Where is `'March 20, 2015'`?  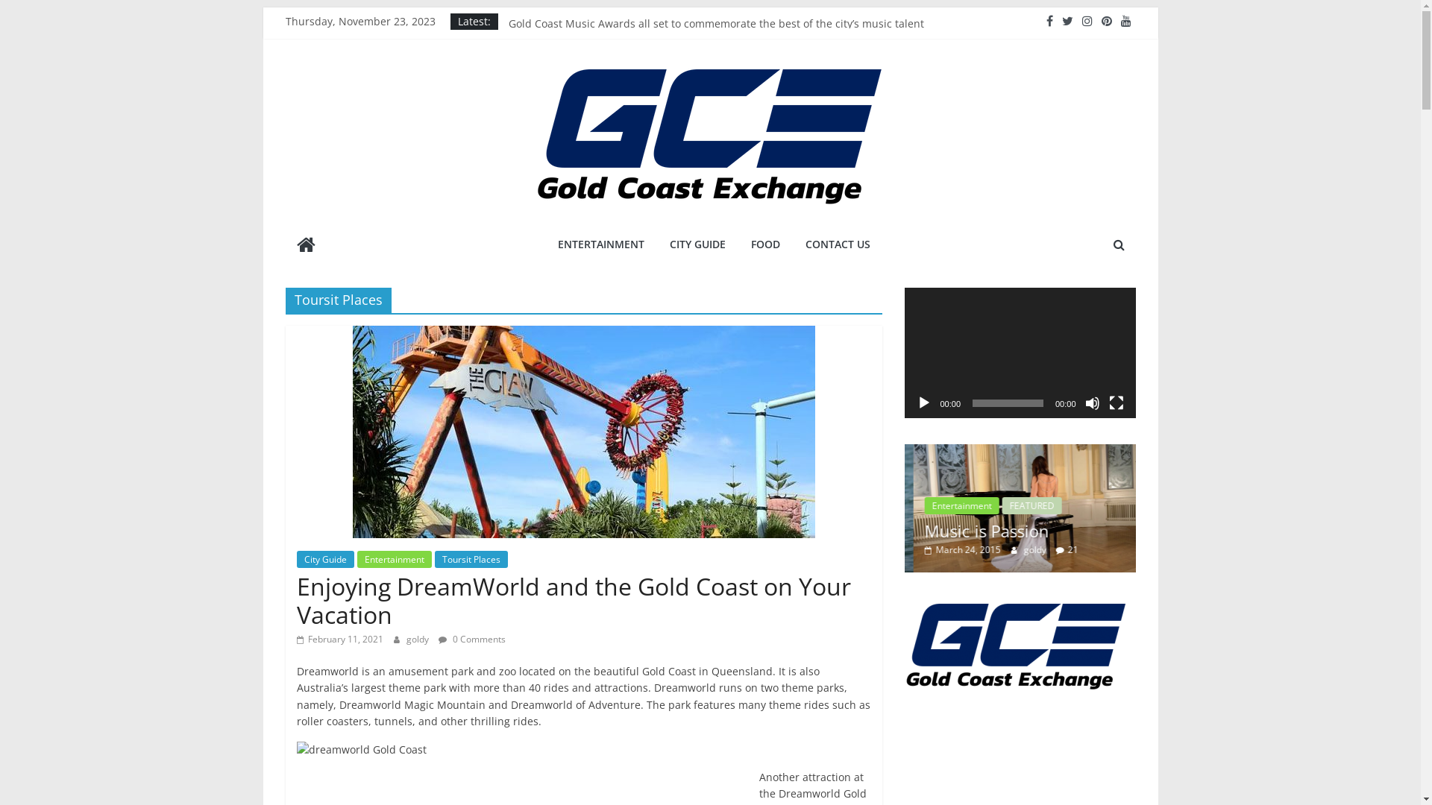 'March 20, 2015' is located at coordinates (952, 549).